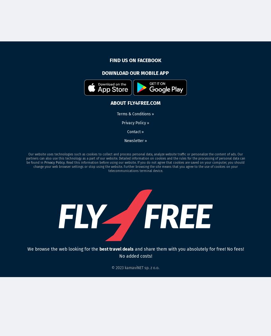 The height and width of the screenshot is (336, 271). Describe the element at coordinates (135, 60) in the screenshot. I see `'Find us on Facebook'` at that location.